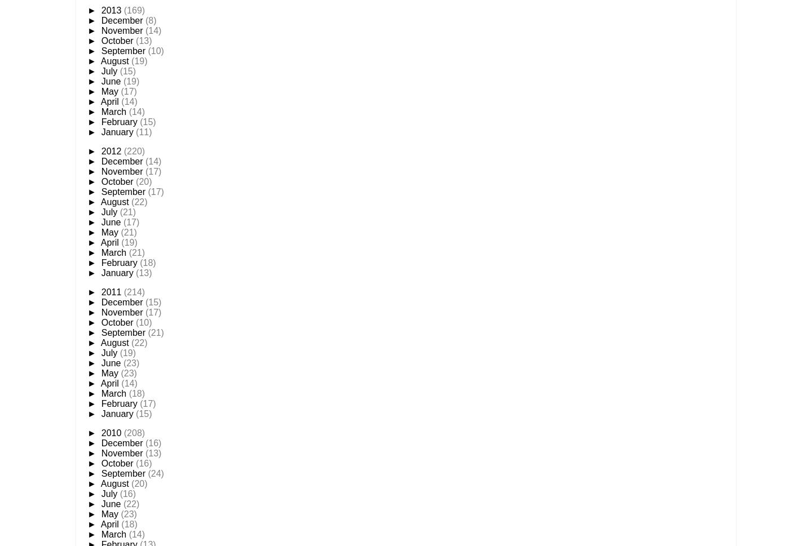 This screenshot has width=812, height=546. I want to click on '2013', so click(112, 10).